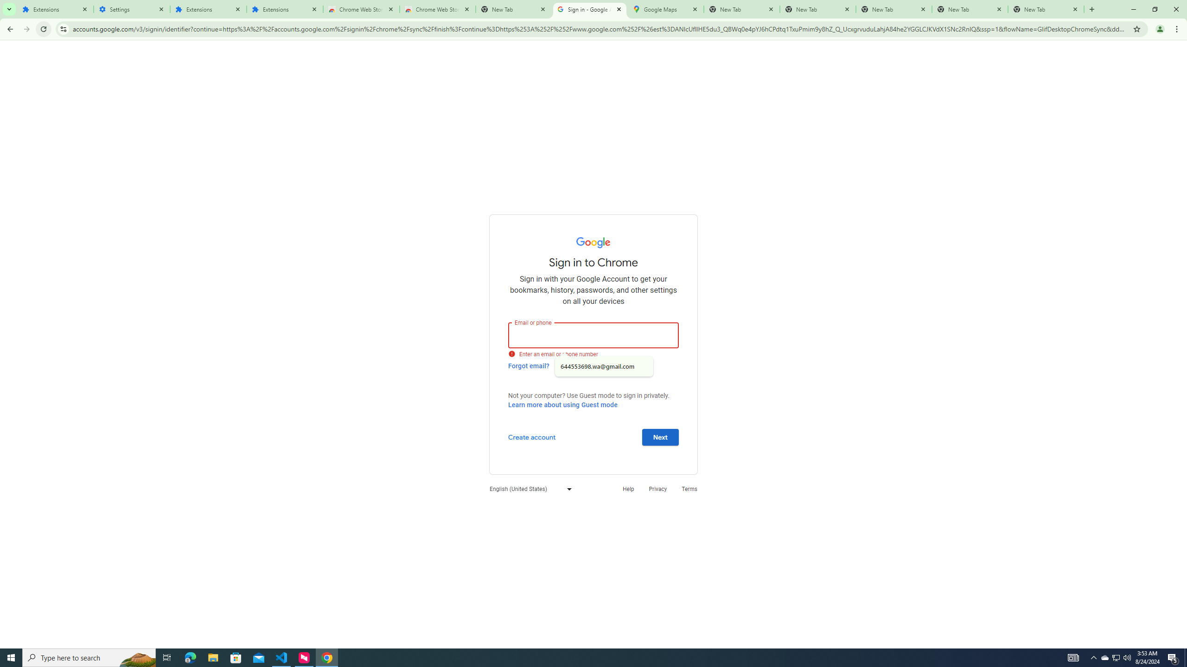  I want to click on 'Minimize', so click(1133, 9).